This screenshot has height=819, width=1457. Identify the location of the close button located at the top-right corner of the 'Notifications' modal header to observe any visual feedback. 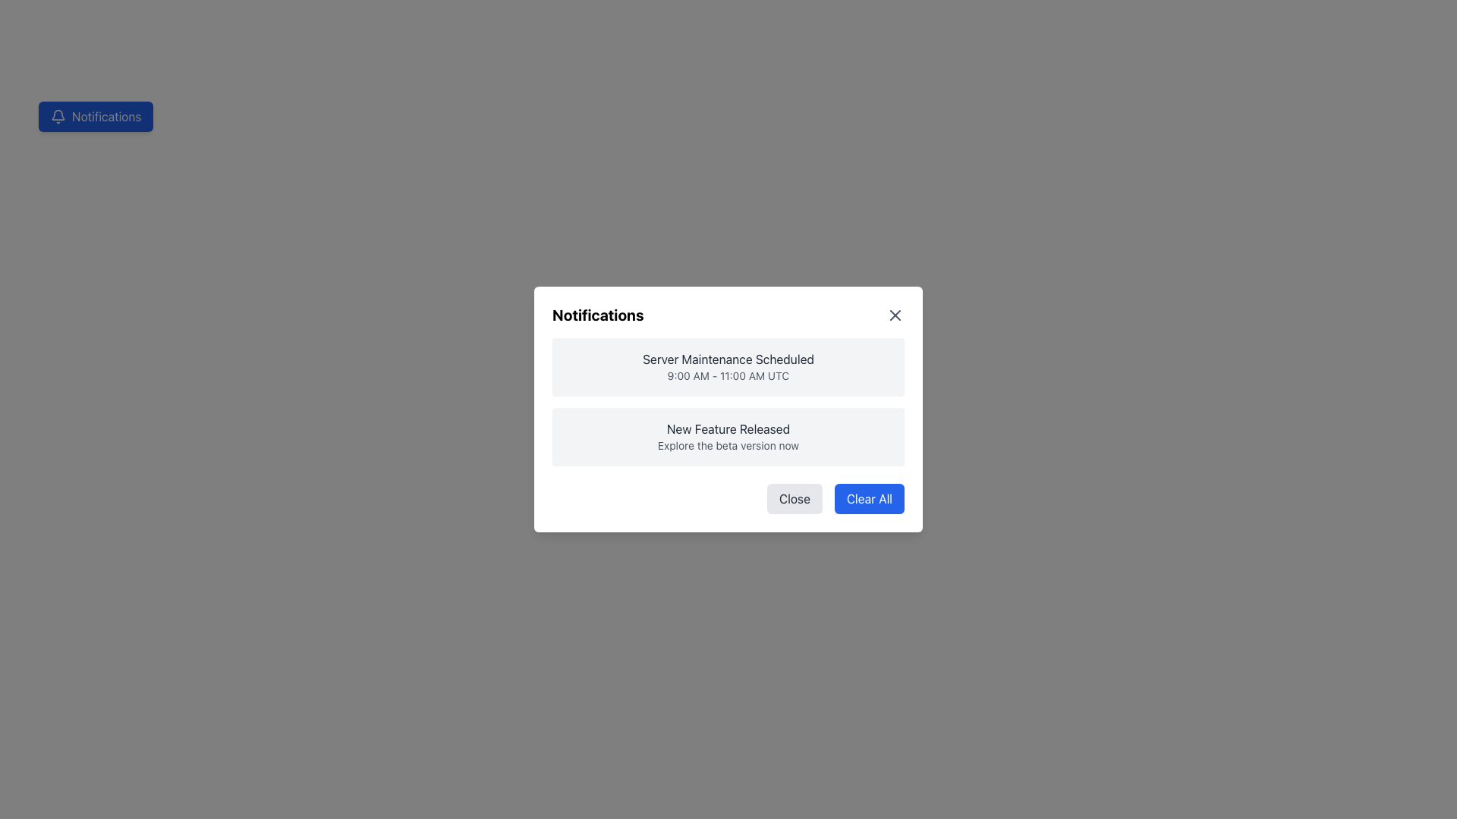
(895, 315).